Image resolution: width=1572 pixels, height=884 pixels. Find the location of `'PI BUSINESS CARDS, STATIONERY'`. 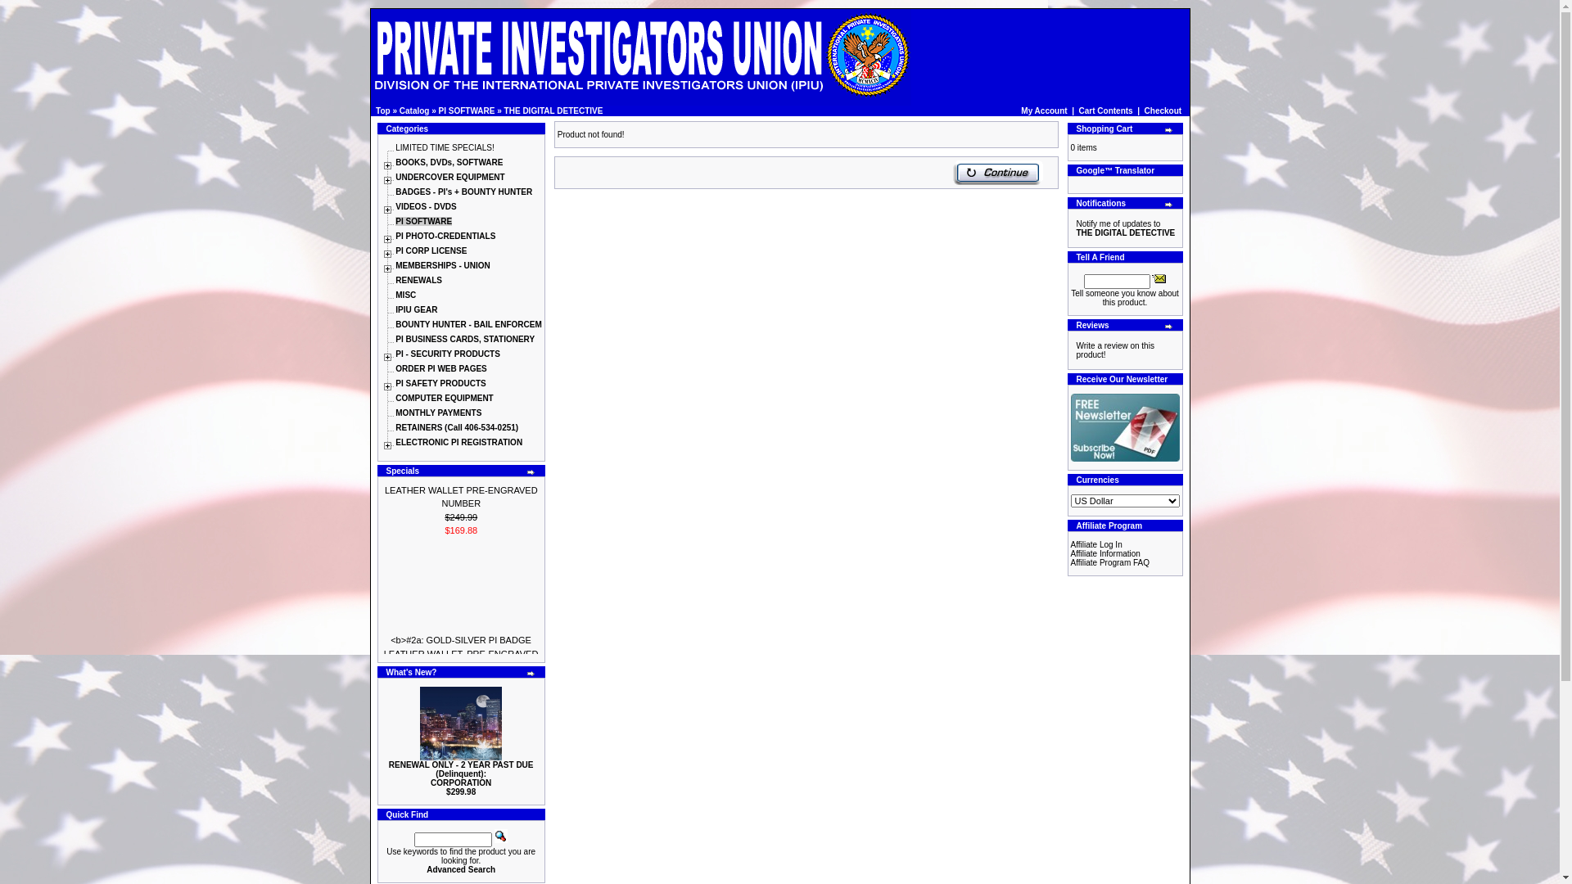

'PI BUSINESS CARDS, STATIONERY' is located at coordinates (395, 338).